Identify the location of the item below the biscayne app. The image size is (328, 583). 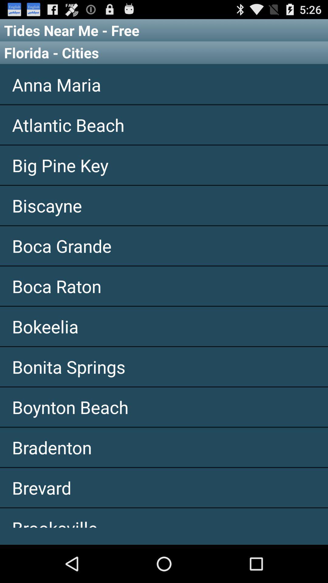
(164, 246).